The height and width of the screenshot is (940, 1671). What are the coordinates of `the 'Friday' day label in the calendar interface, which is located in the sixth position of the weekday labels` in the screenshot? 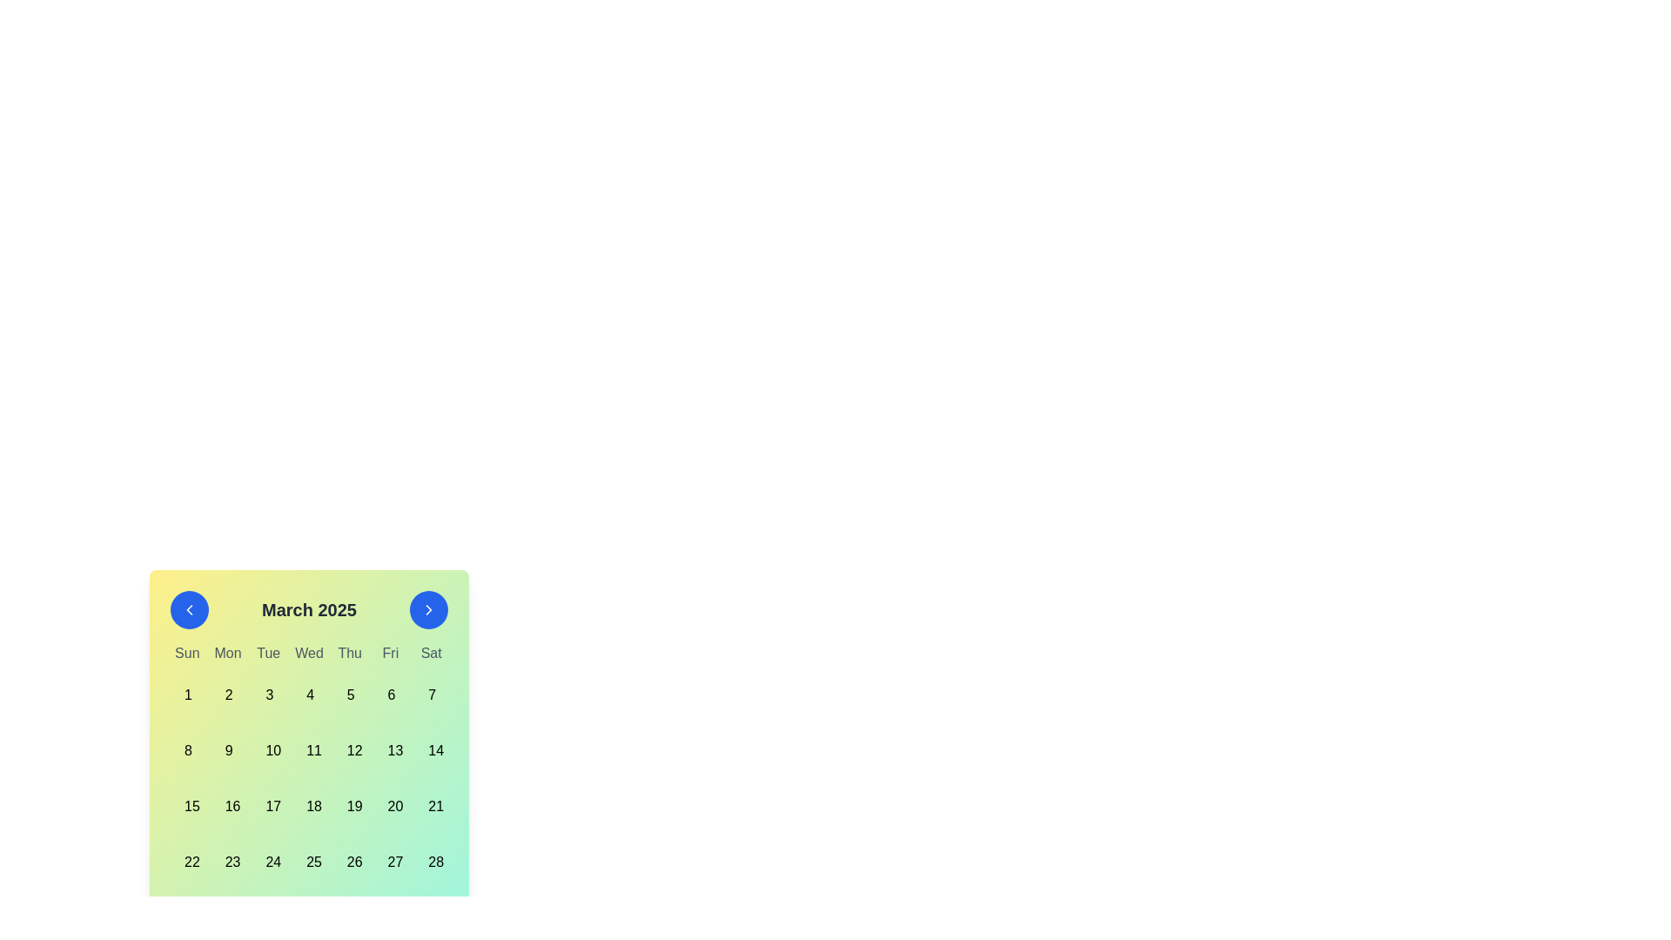 It's located at (389, 654).